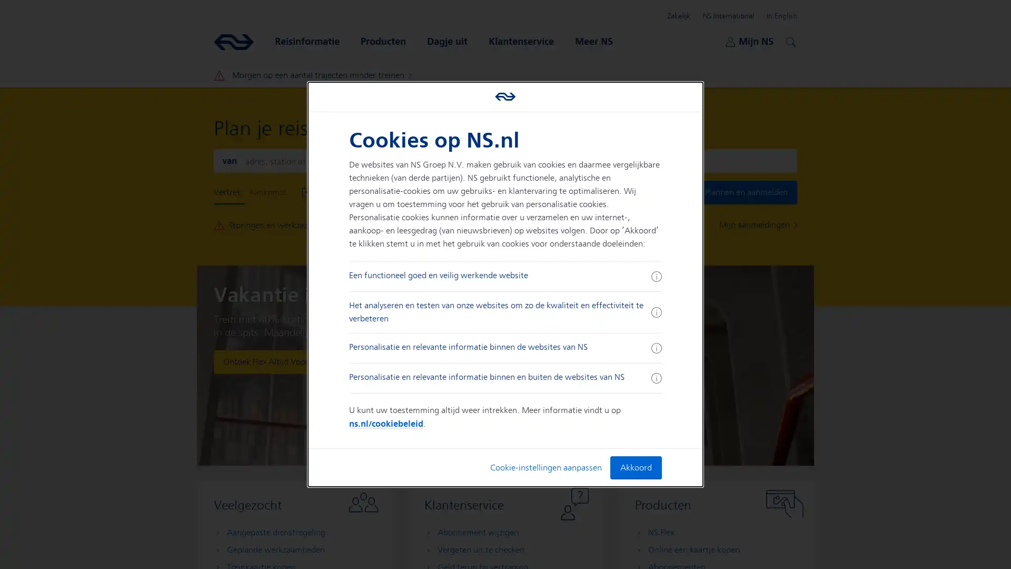 This screenshot has height=569, width=1011. Describe the element at coordinates (746, 192) in the screenshot. I see `Plannen en aanmelden` at that location.